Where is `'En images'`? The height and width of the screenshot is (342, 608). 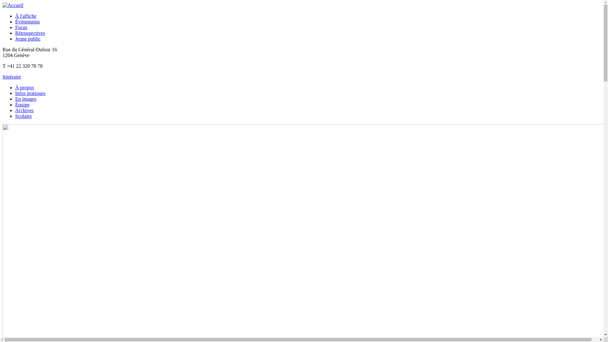
'En images' is located at coordinates (25, 99).